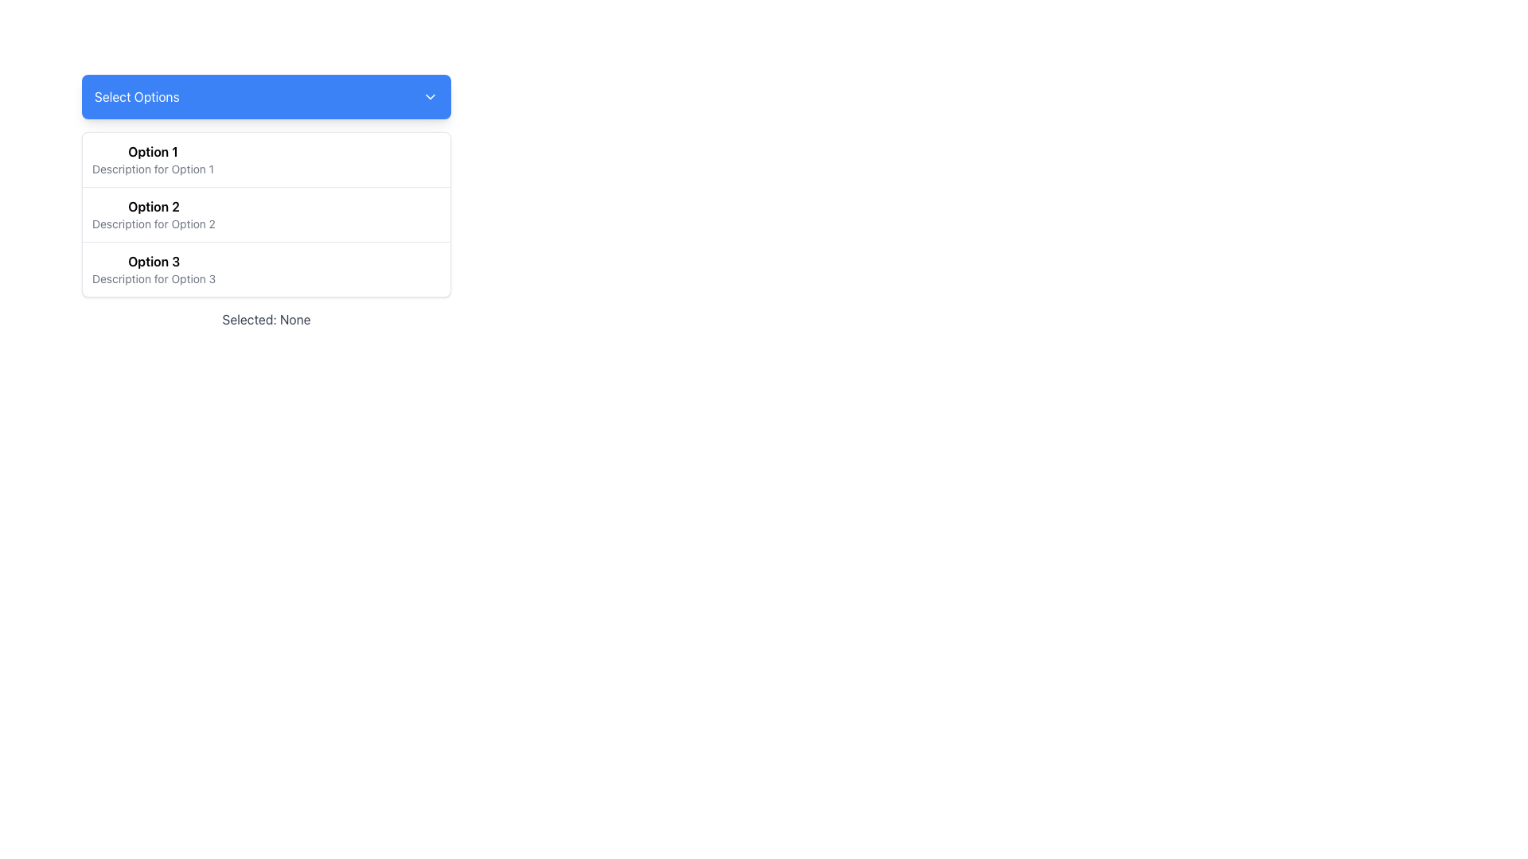 The width and height of the screenshot is (1528, 859). Describe the element at coordinates (154, 205) in the screenshot. I see `the bolded text label 'Option 2' in the dropdown menu` at that location.